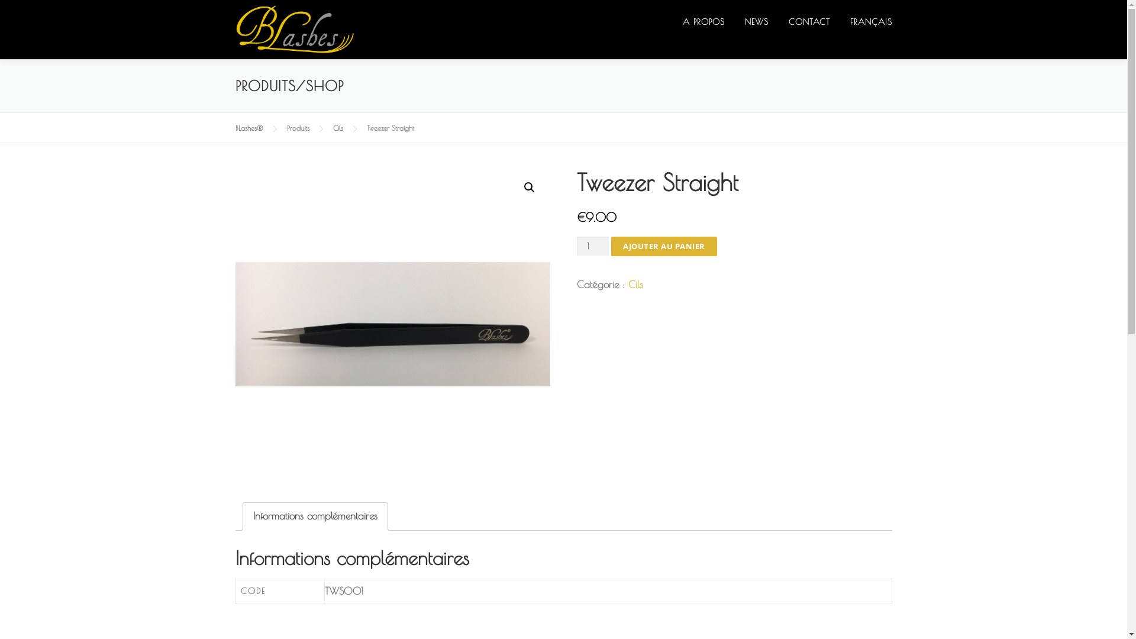 The image size is (1136, 639). Describe the element at coordinates (337, 128) in the screenshot. I see `'Cils'` at that location.